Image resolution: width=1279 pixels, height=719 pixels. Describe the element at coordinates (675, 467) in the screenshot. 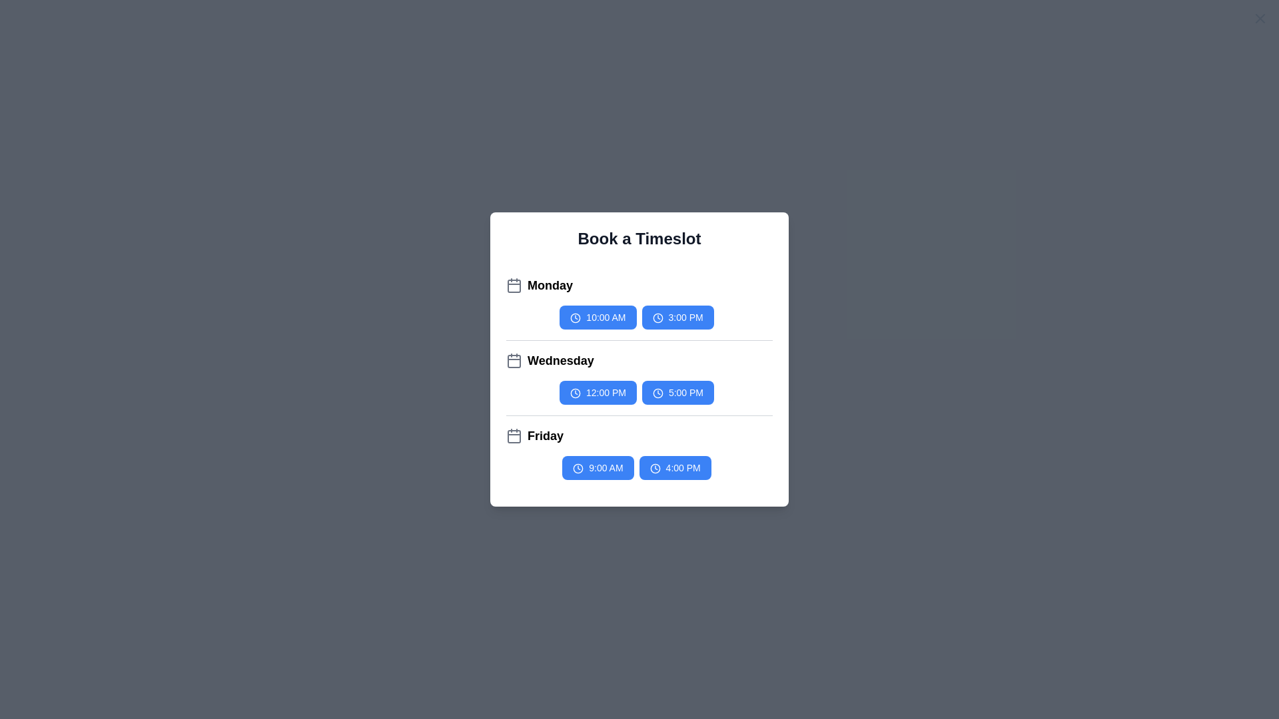

I see `the timeslot button labeled 4:00 PM` at that location.